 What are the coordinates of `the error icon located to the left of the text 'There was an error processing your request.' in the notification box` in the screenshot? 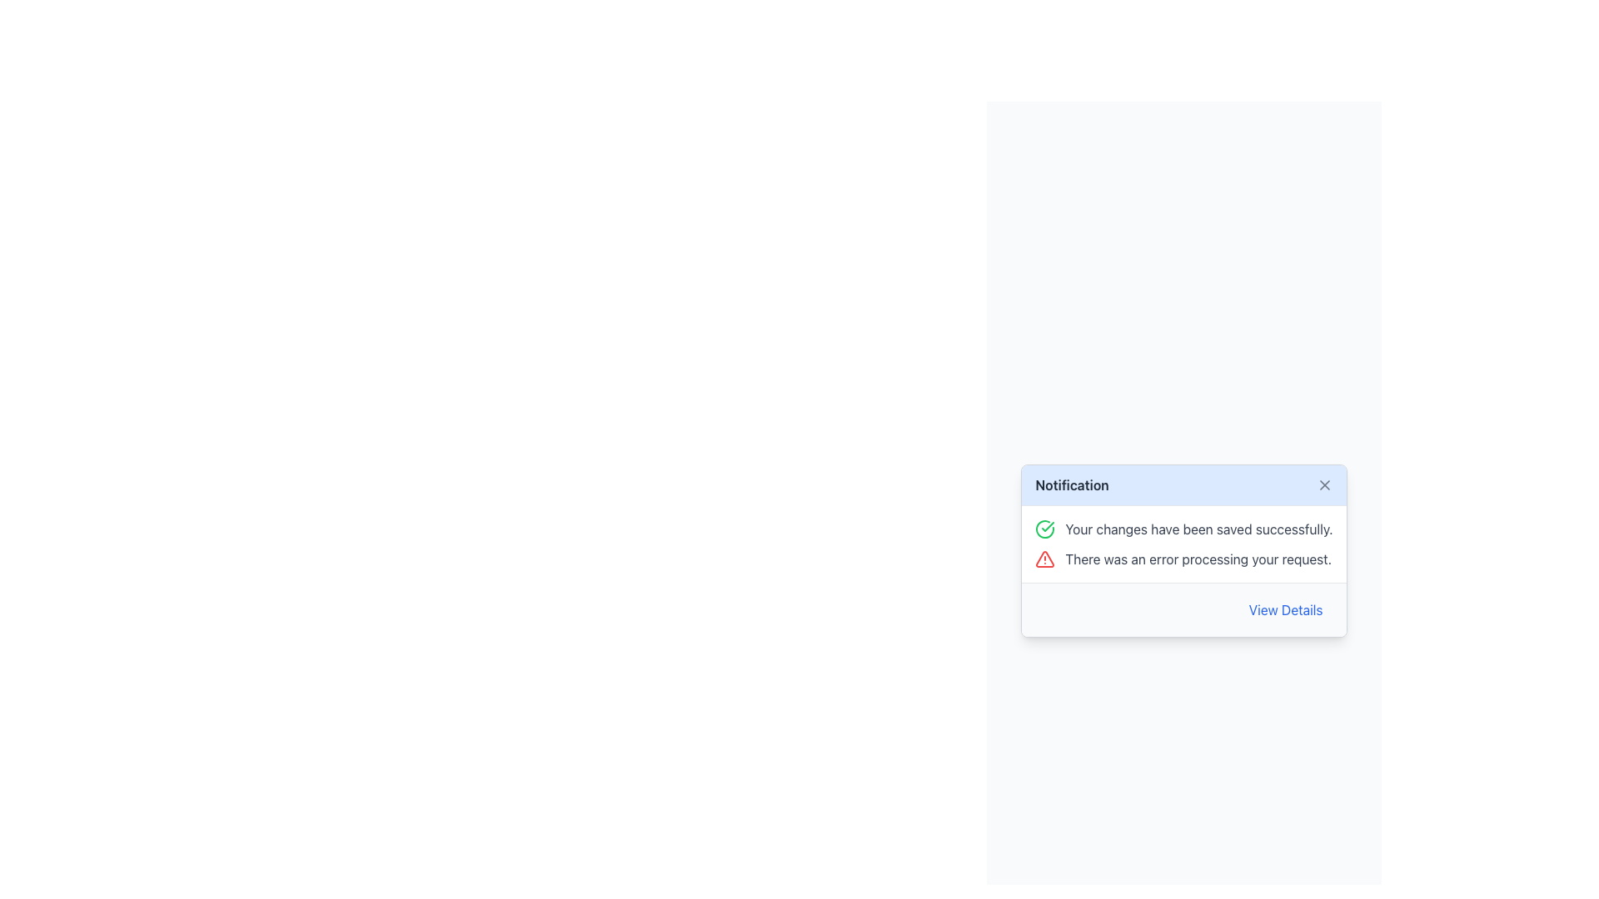 It's located at (1044, 559).